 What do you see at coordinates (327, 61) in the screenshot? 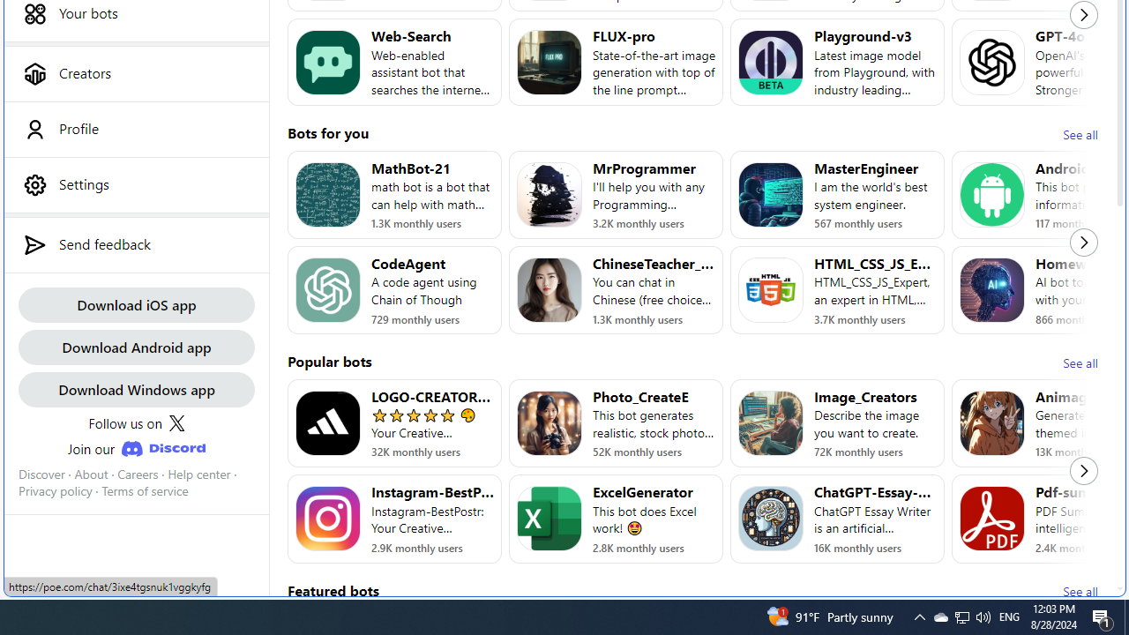
I see `'Bot image for Web-Search'` at bounding box center [327, 61].